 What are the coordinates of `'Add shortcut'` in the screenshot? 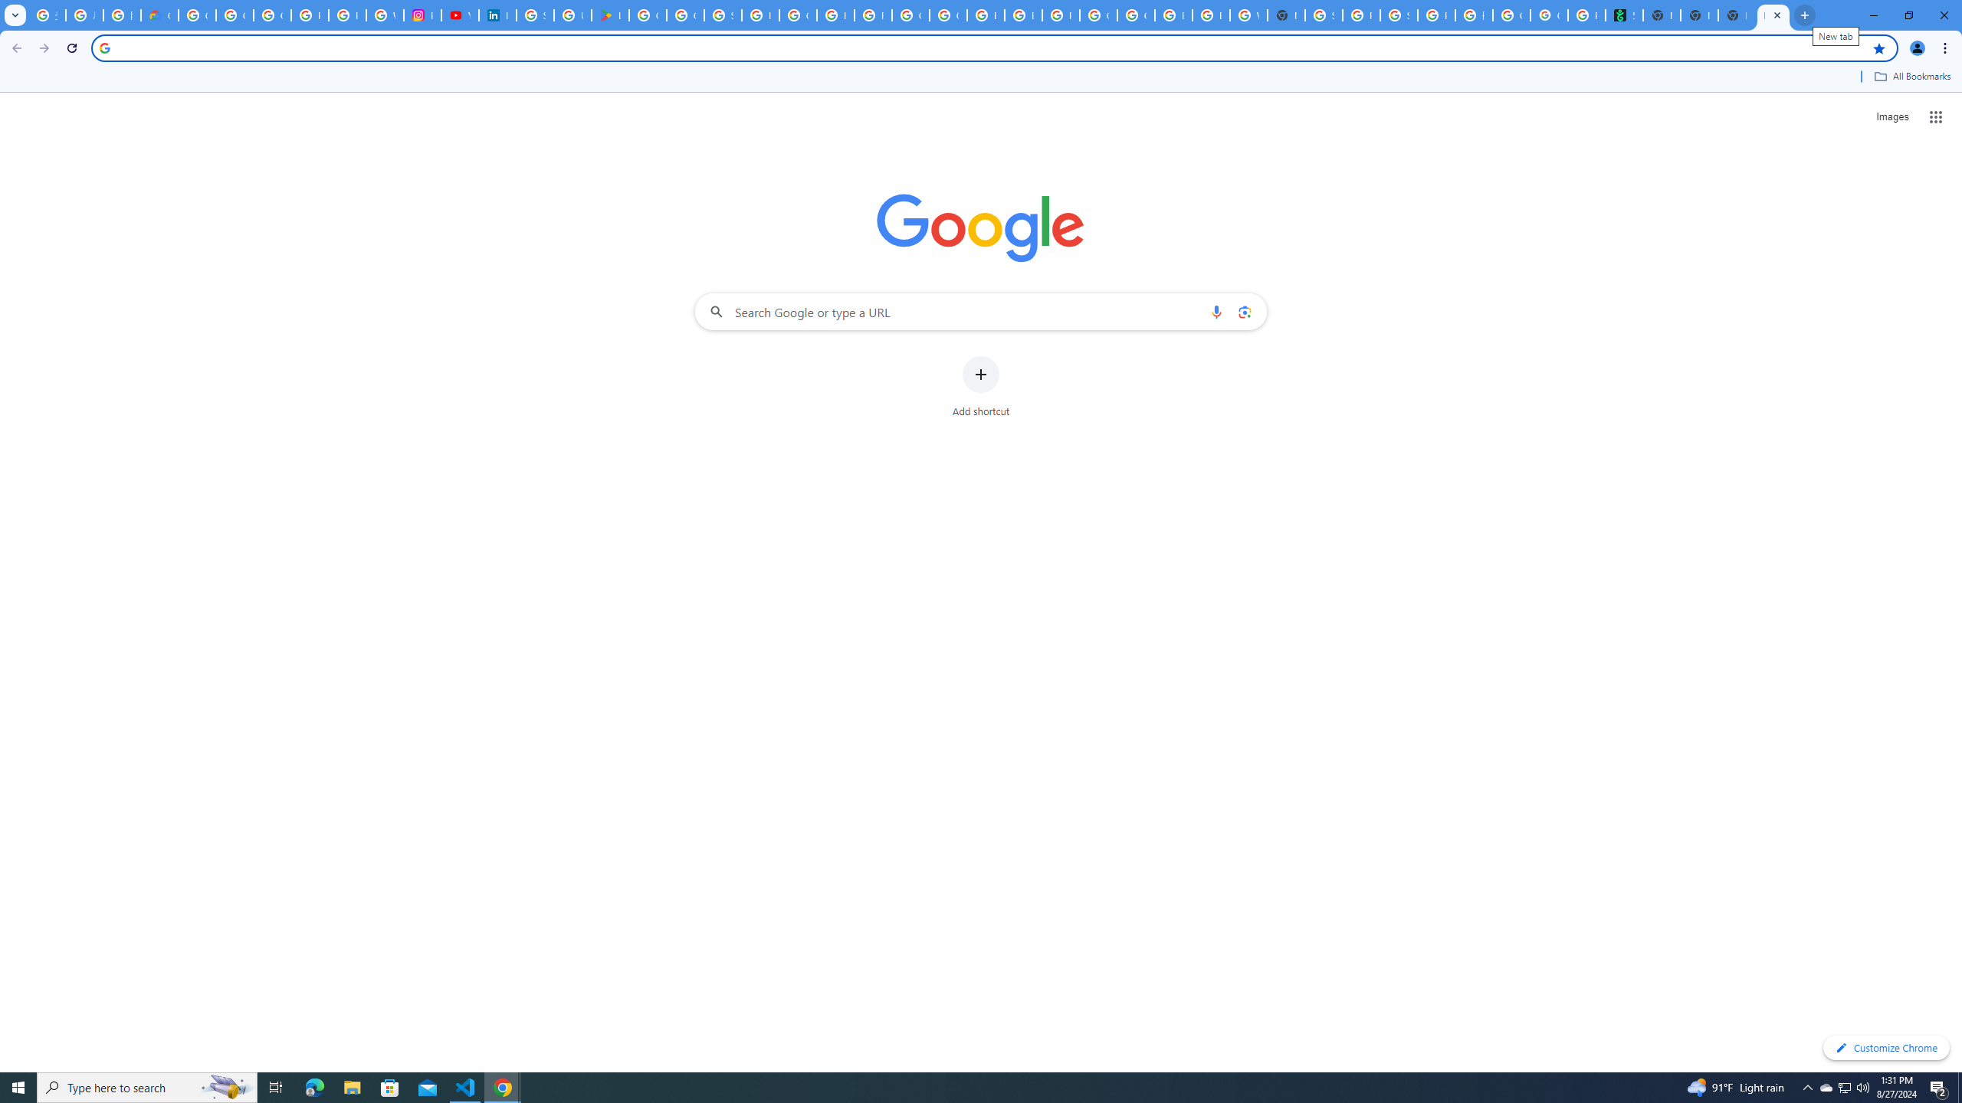 It's located at (981, 387).